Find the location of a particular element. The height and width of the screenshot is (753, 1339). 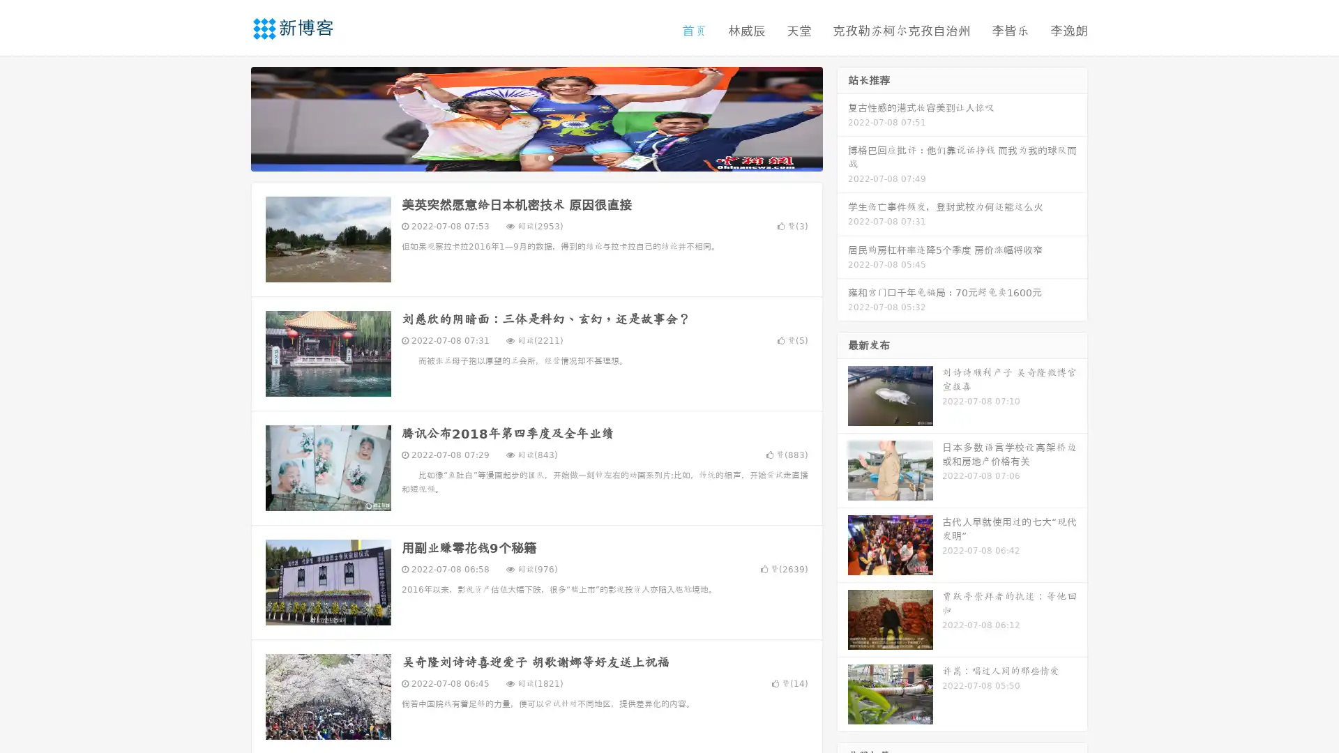

Go to slide 2 is located at coordinates (536, 157).